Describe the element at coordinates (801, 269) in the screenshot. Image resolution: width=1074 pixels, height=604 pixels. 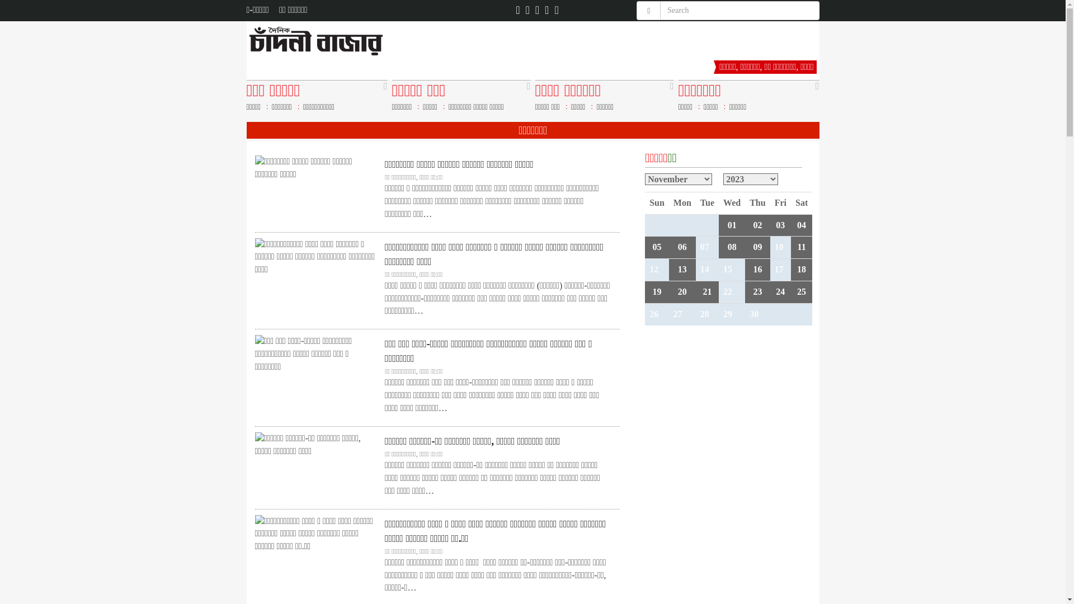
I see `'18'` at that location.